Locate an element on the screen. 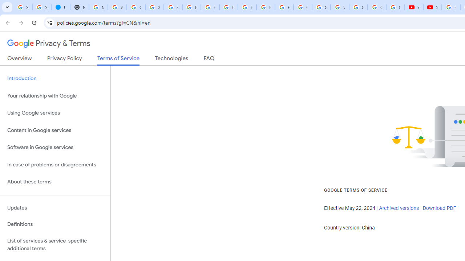 The width and height of the screenshot is (465, 261). 'Sign in - Google Accounts' is located at coordinates (41, 7).